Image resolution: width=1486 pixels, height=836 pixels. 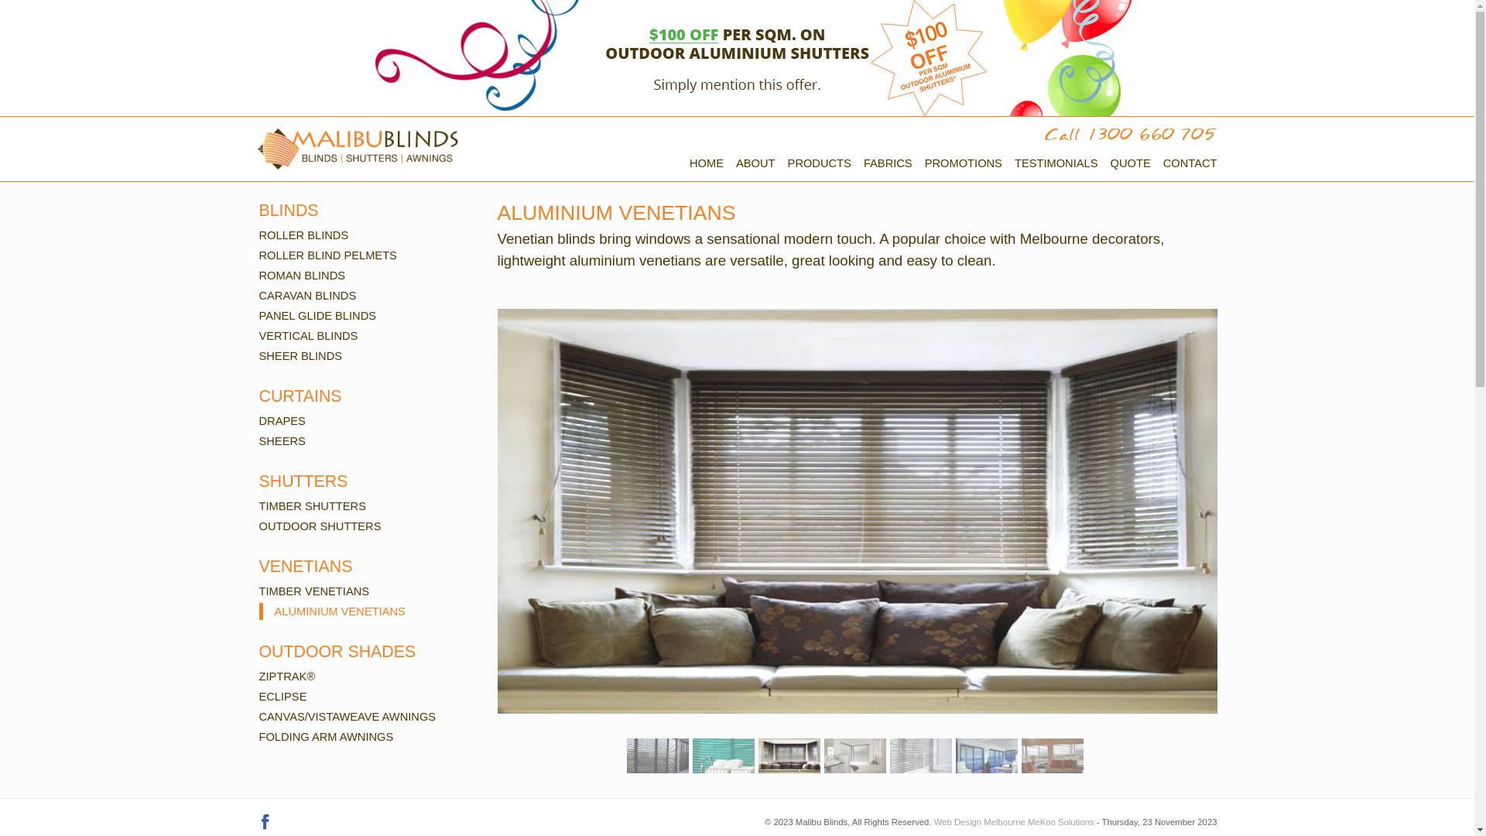 What do you see at coordinates (1014, 821) in the screenshot?
I see `'Web Design Melbourne MeKoo Solutions'` at bounding box center [1014, 821].